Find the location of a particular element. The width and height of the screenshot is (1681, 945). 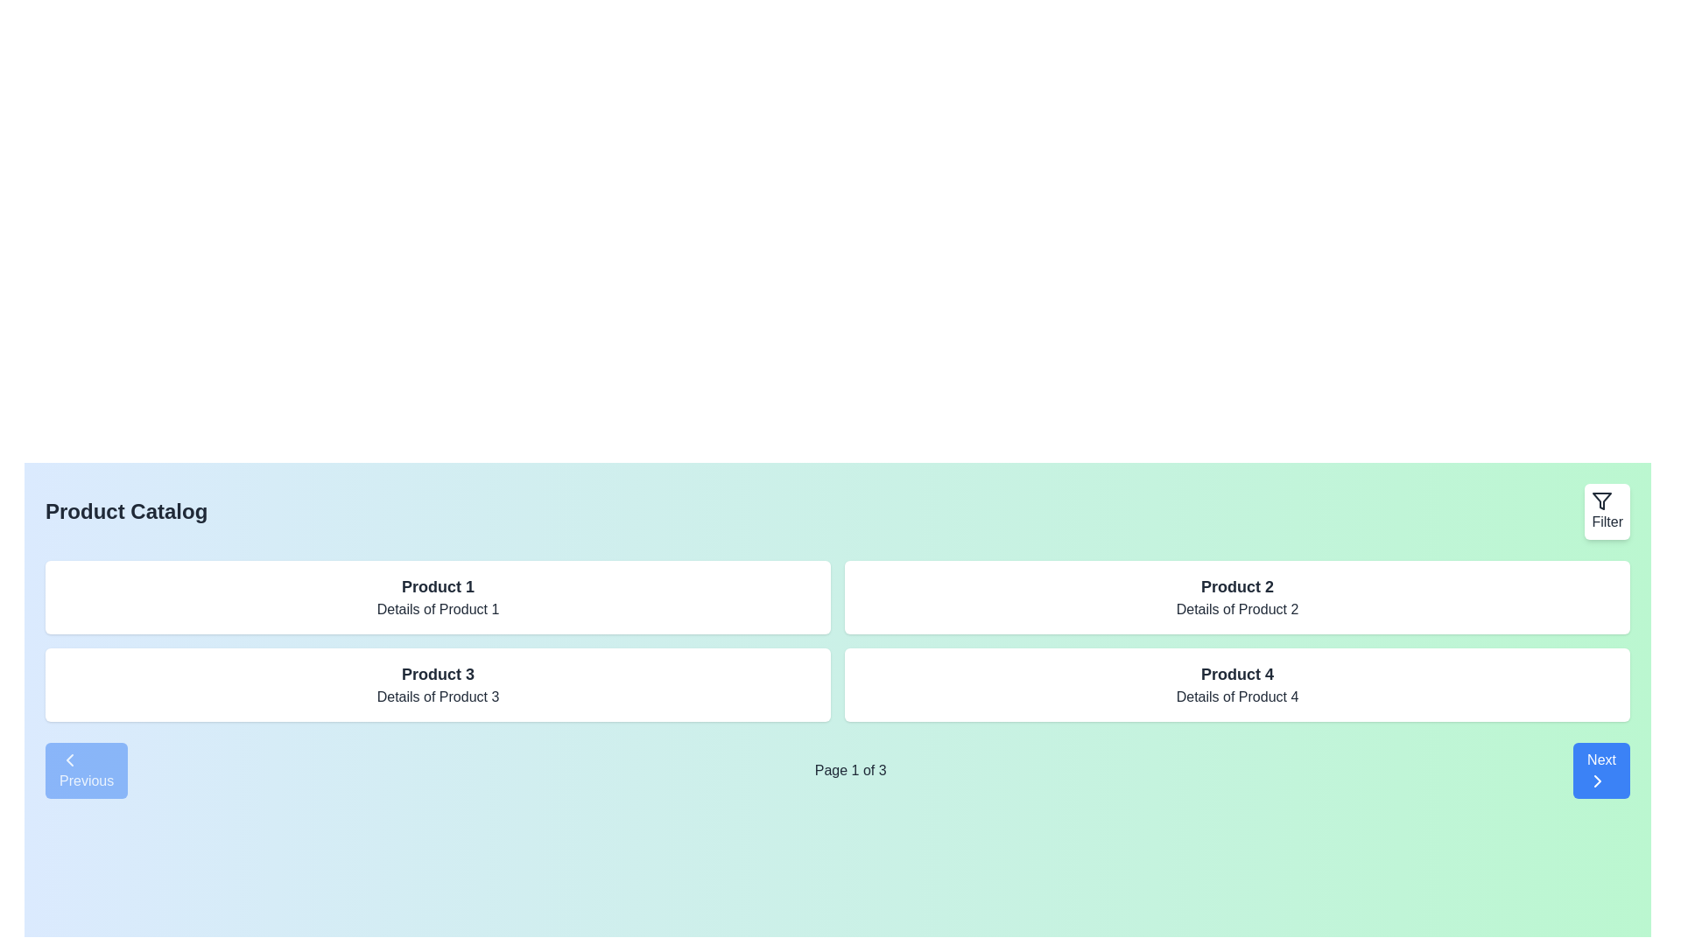

the Information card that showcases product details, located in the second row's left cell of a grid layout is located at coordinates (438, 684).